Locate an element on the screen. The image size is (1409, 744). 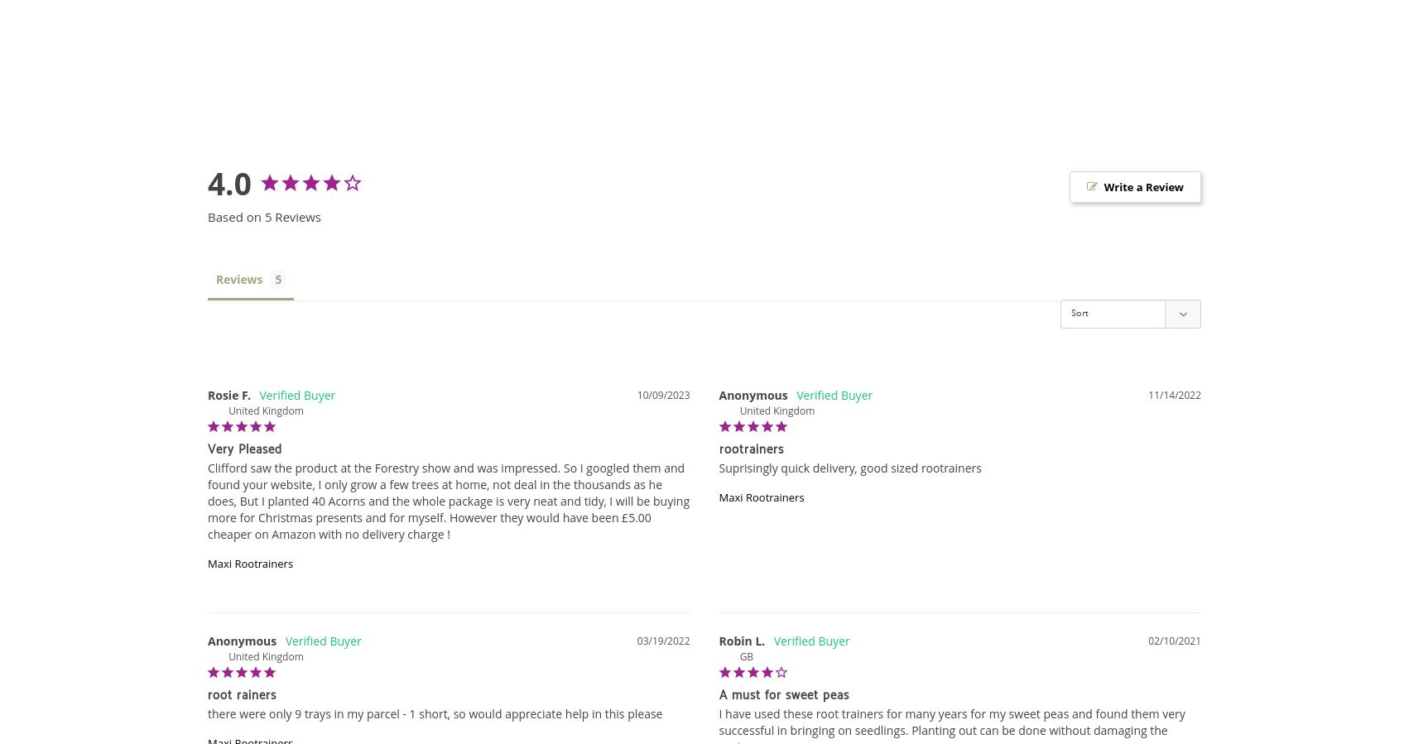
'Clifford saw the product at the Forestry show and was impressed. So I googled them and found your website, I only grow a few trees at home, not deal in the thousands as he does, But I planted 40 Acorns and the whole package is very neat and tidy, I will be buying more for Christmas presents and for myself. However they would have been £5.00 cheaper on Amazon with no delivery charge !' is located at coordinates (449, 499).